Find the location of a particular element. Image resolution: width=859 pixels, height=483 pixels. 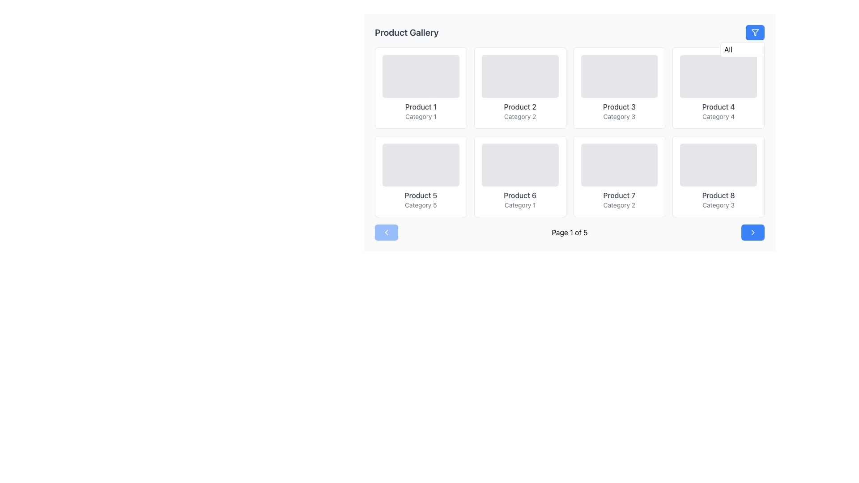

the text label displaying 'Product 8' located in the bottom-right card of the product grid, specifically positioned between an image placeholder and a category descriptor is located at coordinates (719, 195).